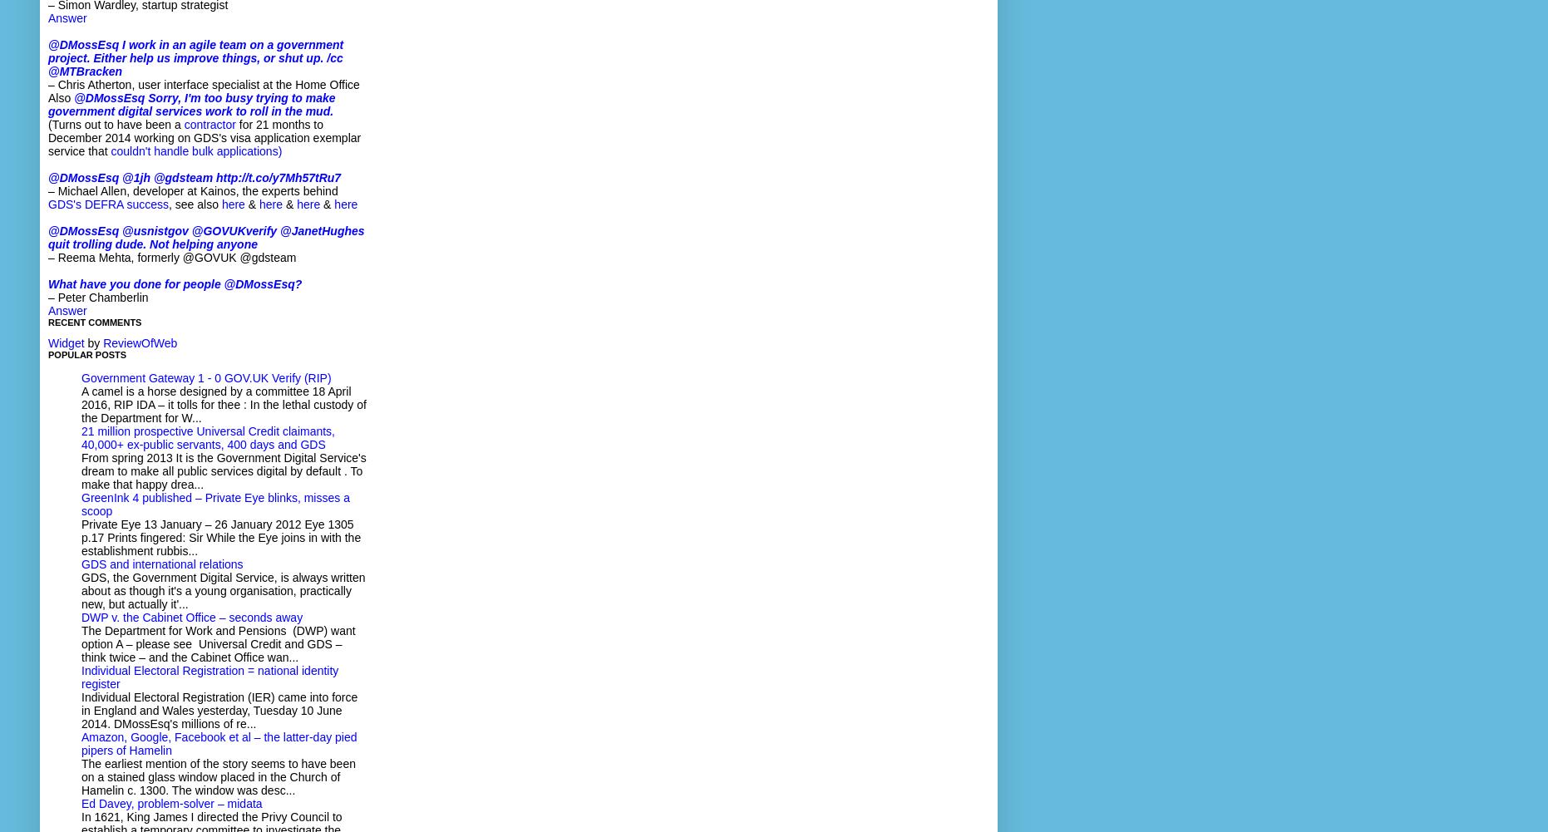 The height and width of the screenshot is (832, 1548). Describe the element at coordinates (94, 321) in the screenshot. I see `'Recent Comments'` at that location.